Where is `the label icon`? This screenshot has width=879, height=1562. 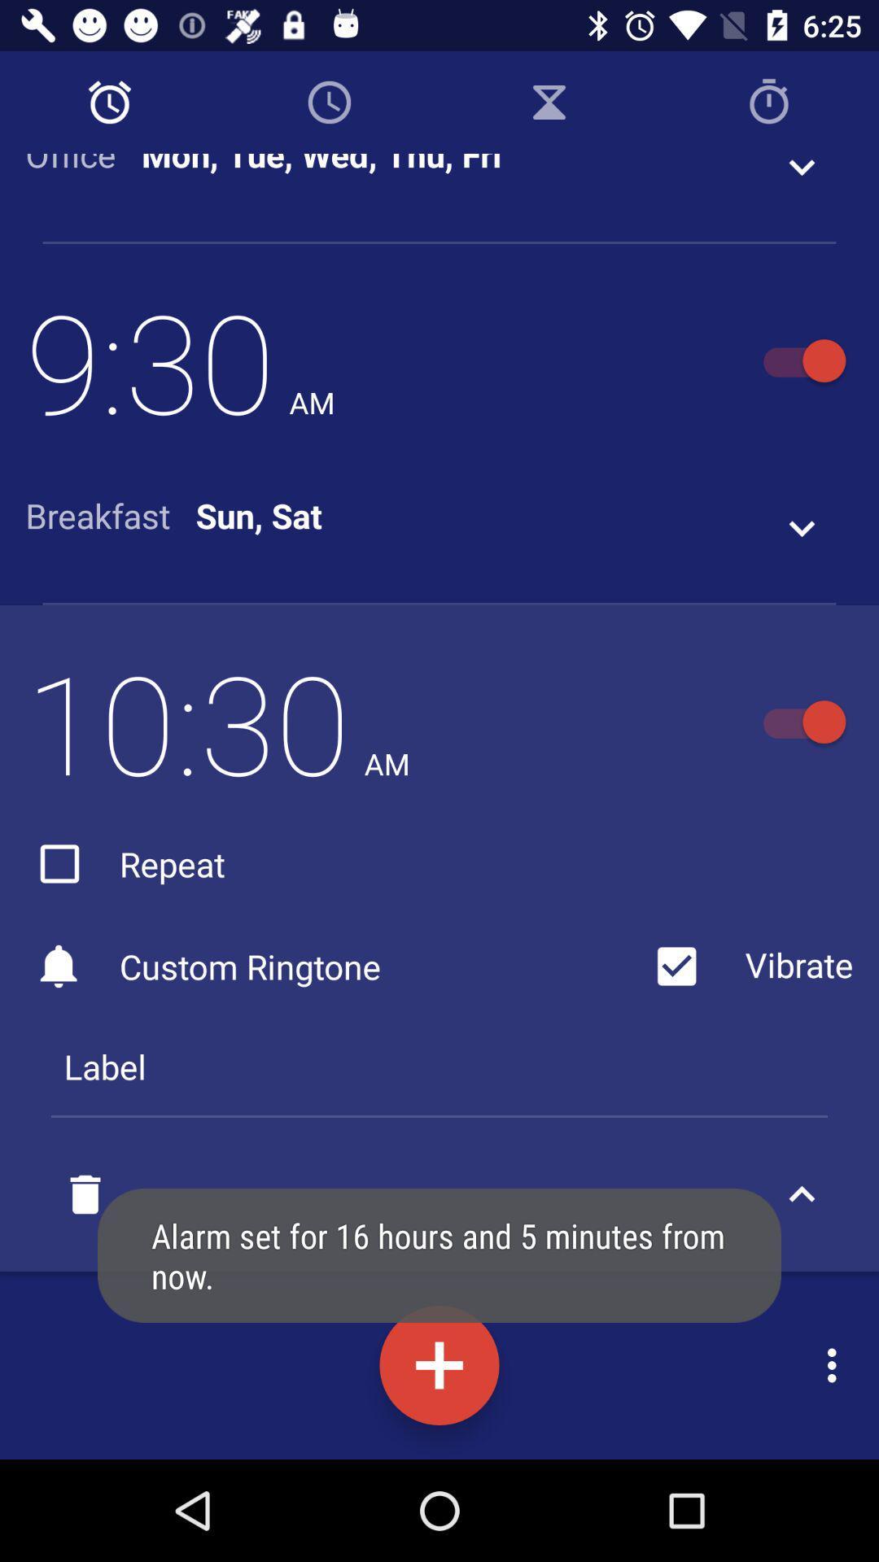 the label icon is located at coordinates (439, 1066).